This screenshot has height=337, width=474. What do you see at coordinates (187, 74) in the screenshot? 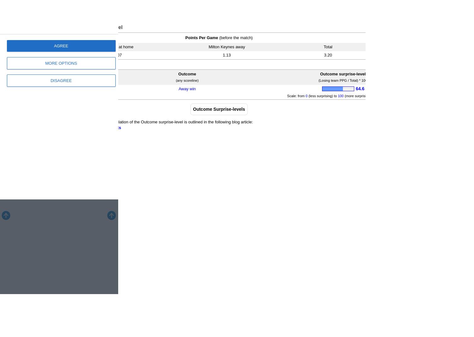
I see `'Outcome'` at bounding box center [187, 74].